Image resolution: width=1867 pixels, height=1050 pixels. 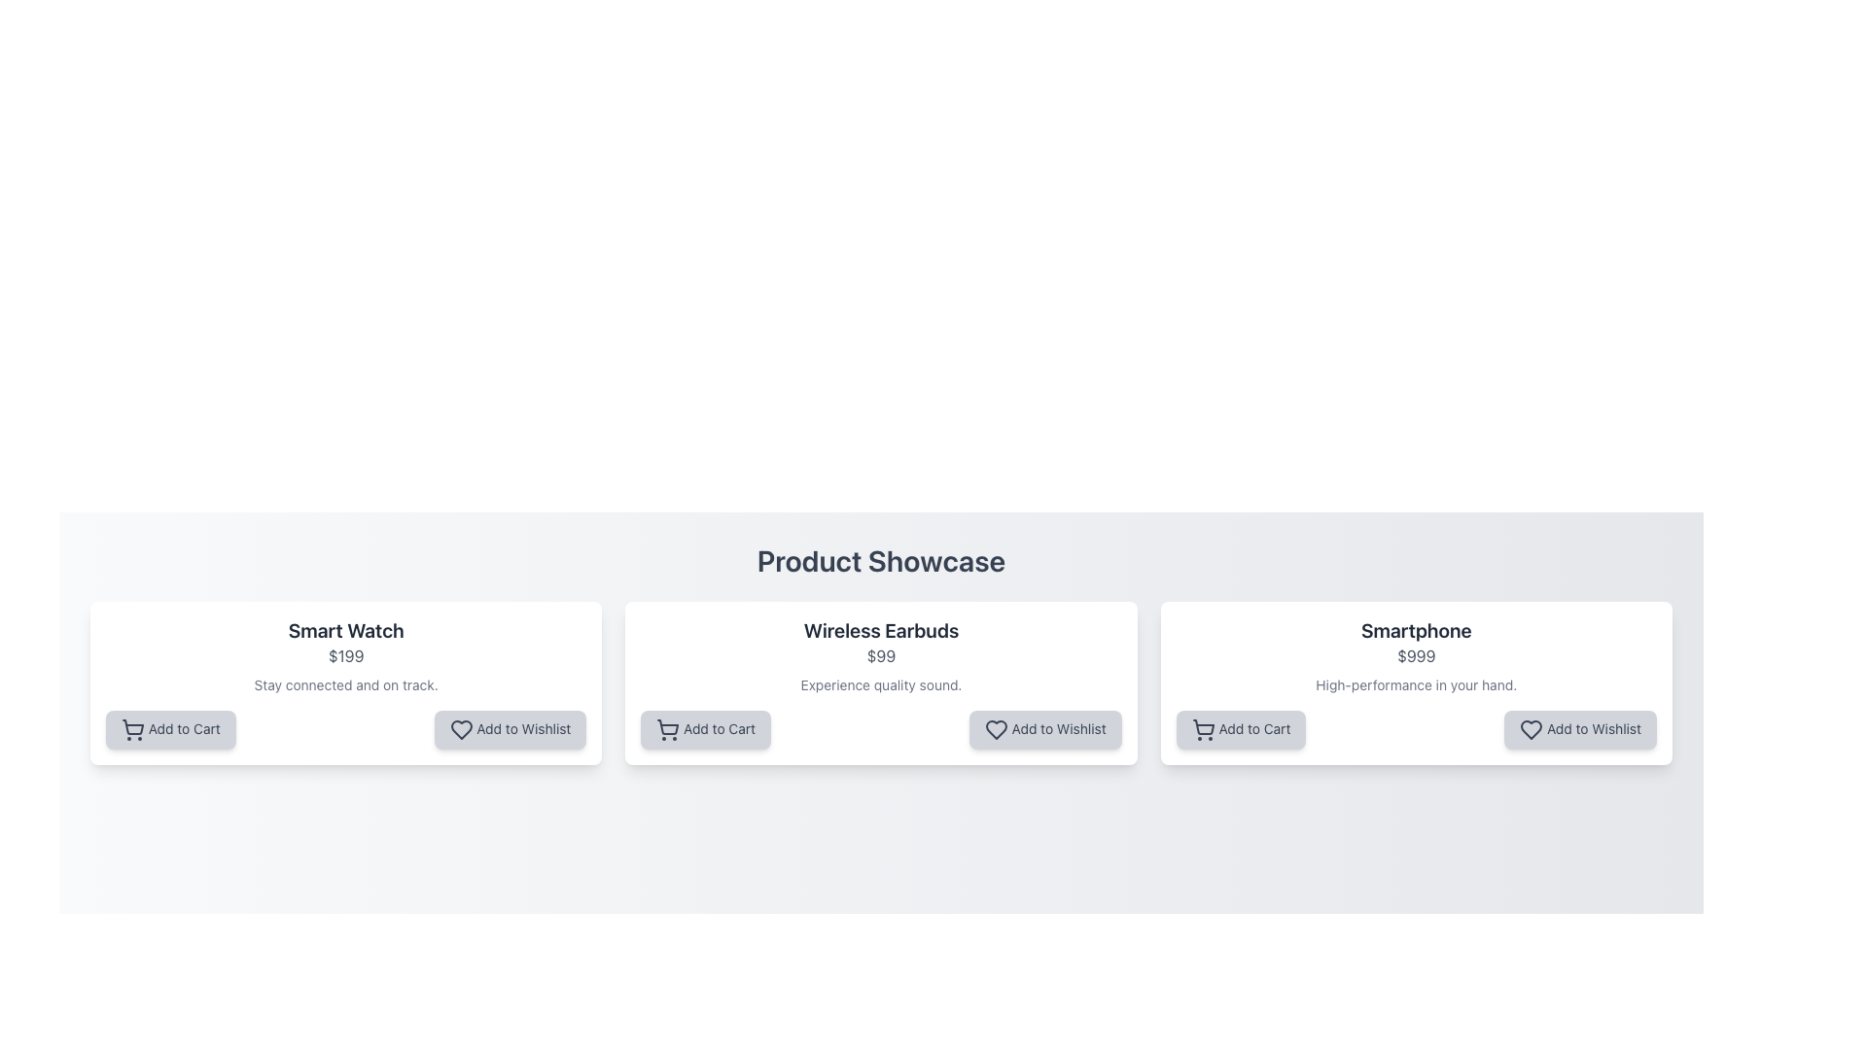 What do you see at coordinates (1044, 730) in the screenshot?
I see `the rectangular button labeled 'Add to Wishlist' featuring a heart icon to observe the hover effect` at bounding box center [1044, 730].